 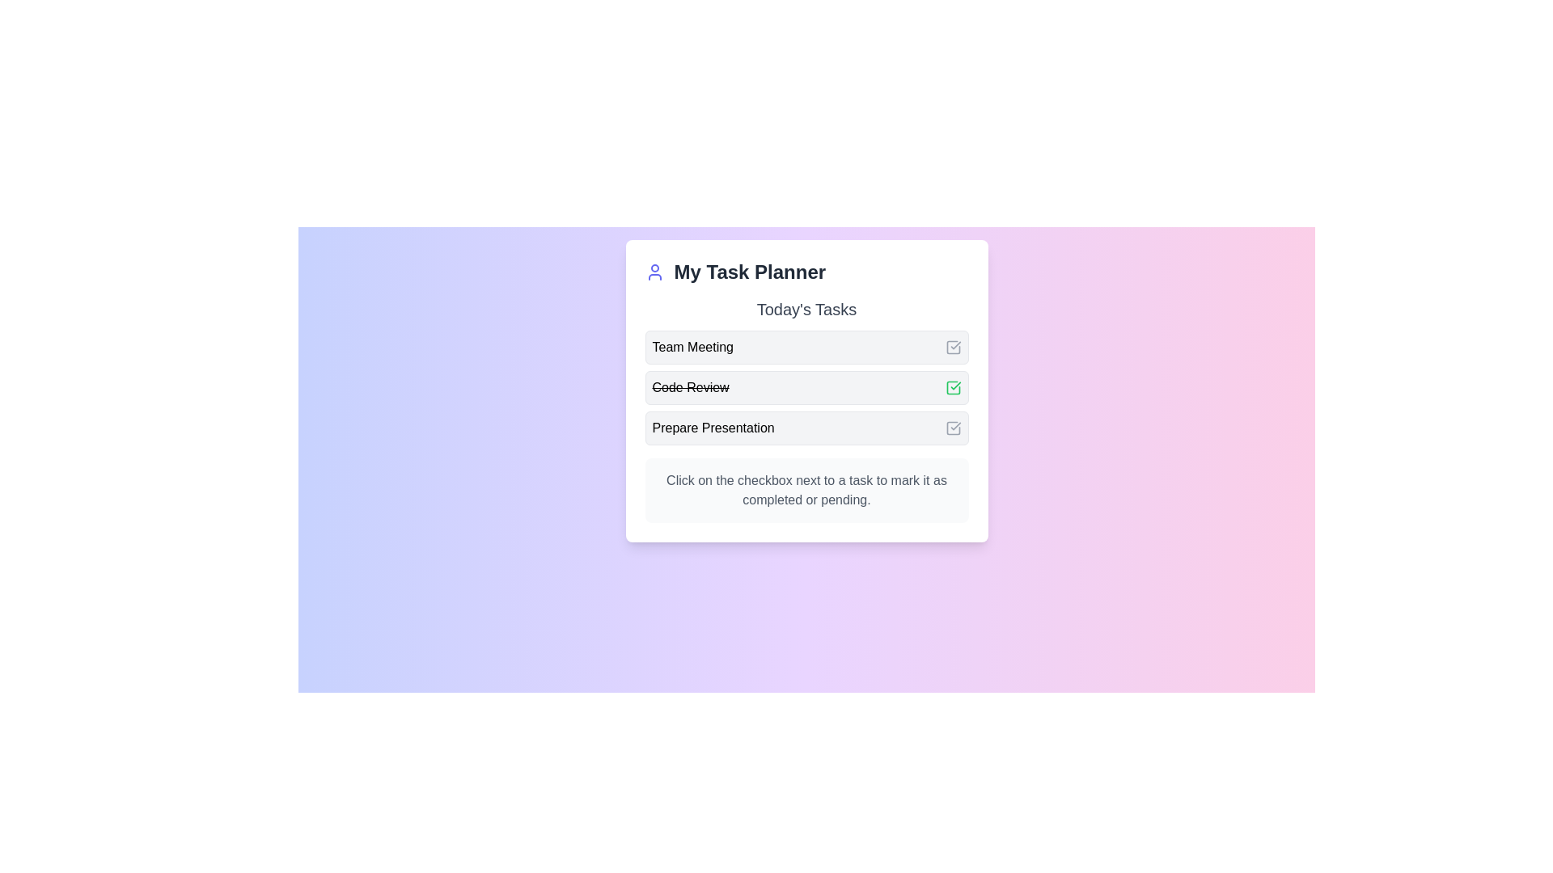 I want to click on the first checkbox in the 'My Task Planner' card, so click(x=953, y=346).